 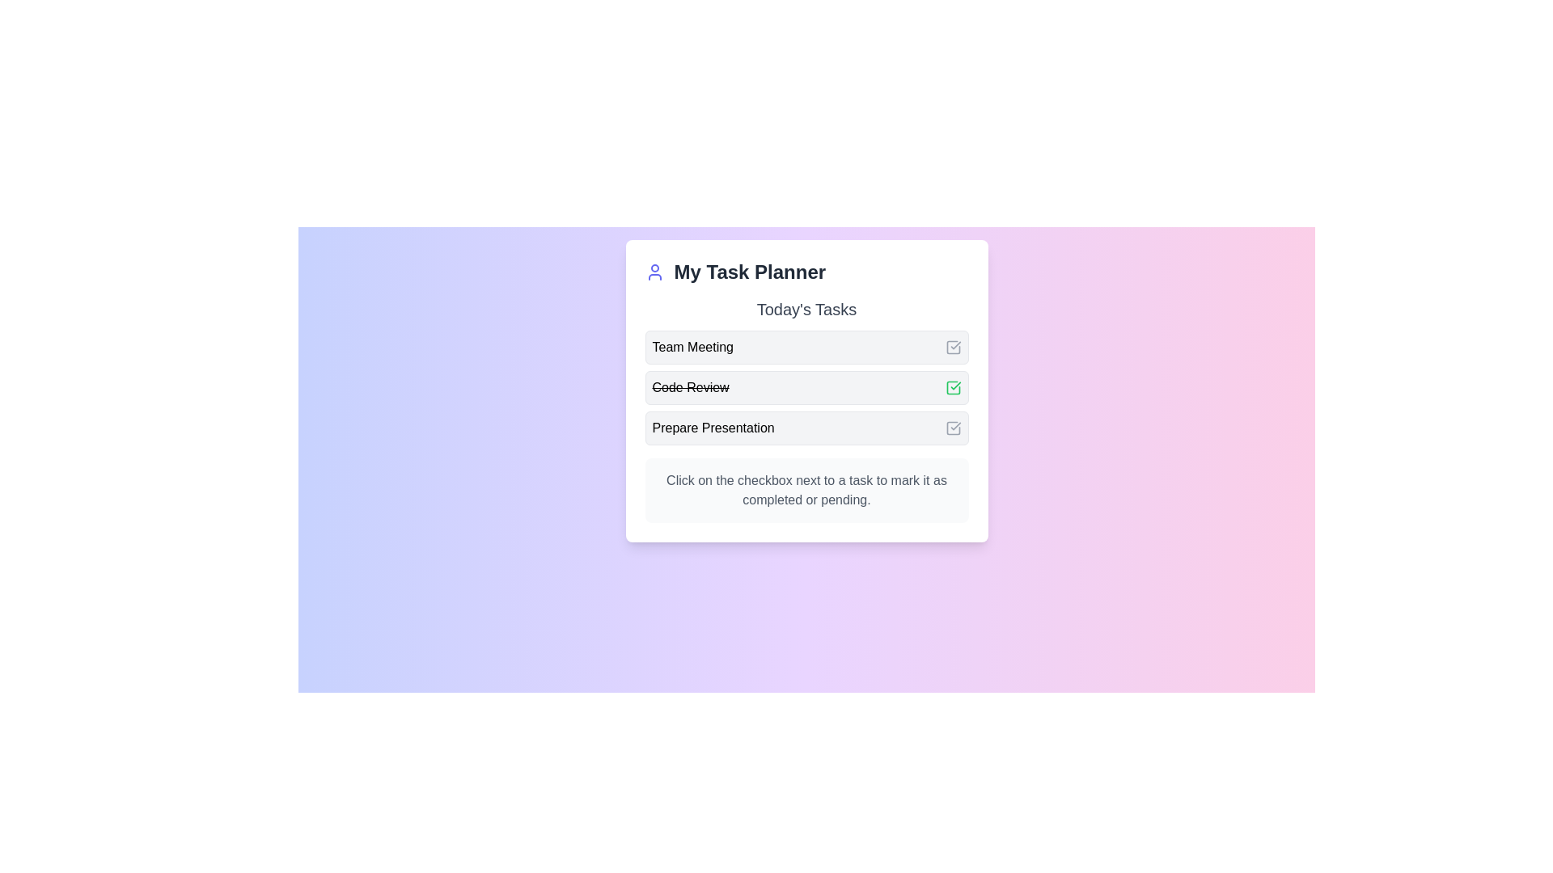 I want to click on the first checkbox in the 'My Task Planner' card, so click(x=953, y=346).